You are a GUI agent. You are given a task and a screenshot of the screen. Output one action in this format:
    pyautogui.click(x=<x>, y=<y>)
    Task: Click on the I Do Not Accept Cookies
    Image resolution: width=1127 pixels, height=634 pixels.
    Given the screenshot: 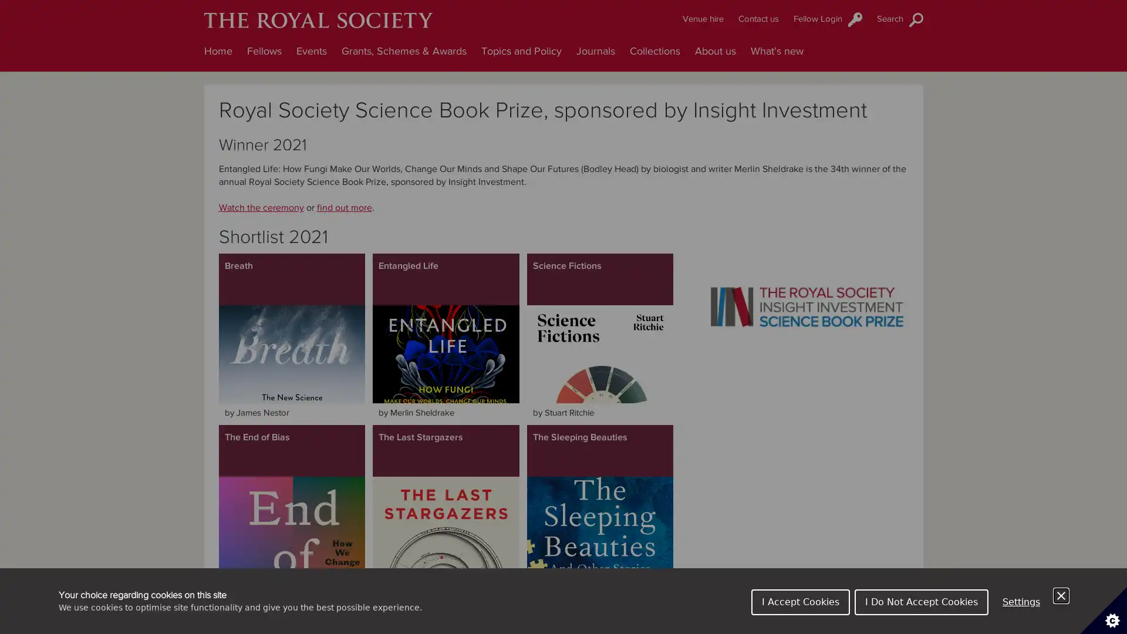 What is the action you would take?
    pyautogui.click(x=920, y=602)
    